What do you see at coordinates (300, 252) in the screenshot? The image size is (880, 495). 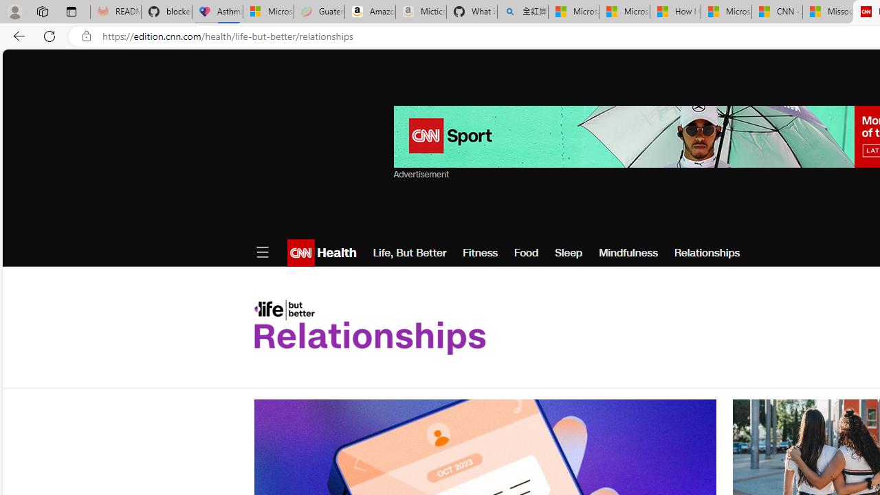 I see `'CNN logo'` at bounding box center [300, 252].